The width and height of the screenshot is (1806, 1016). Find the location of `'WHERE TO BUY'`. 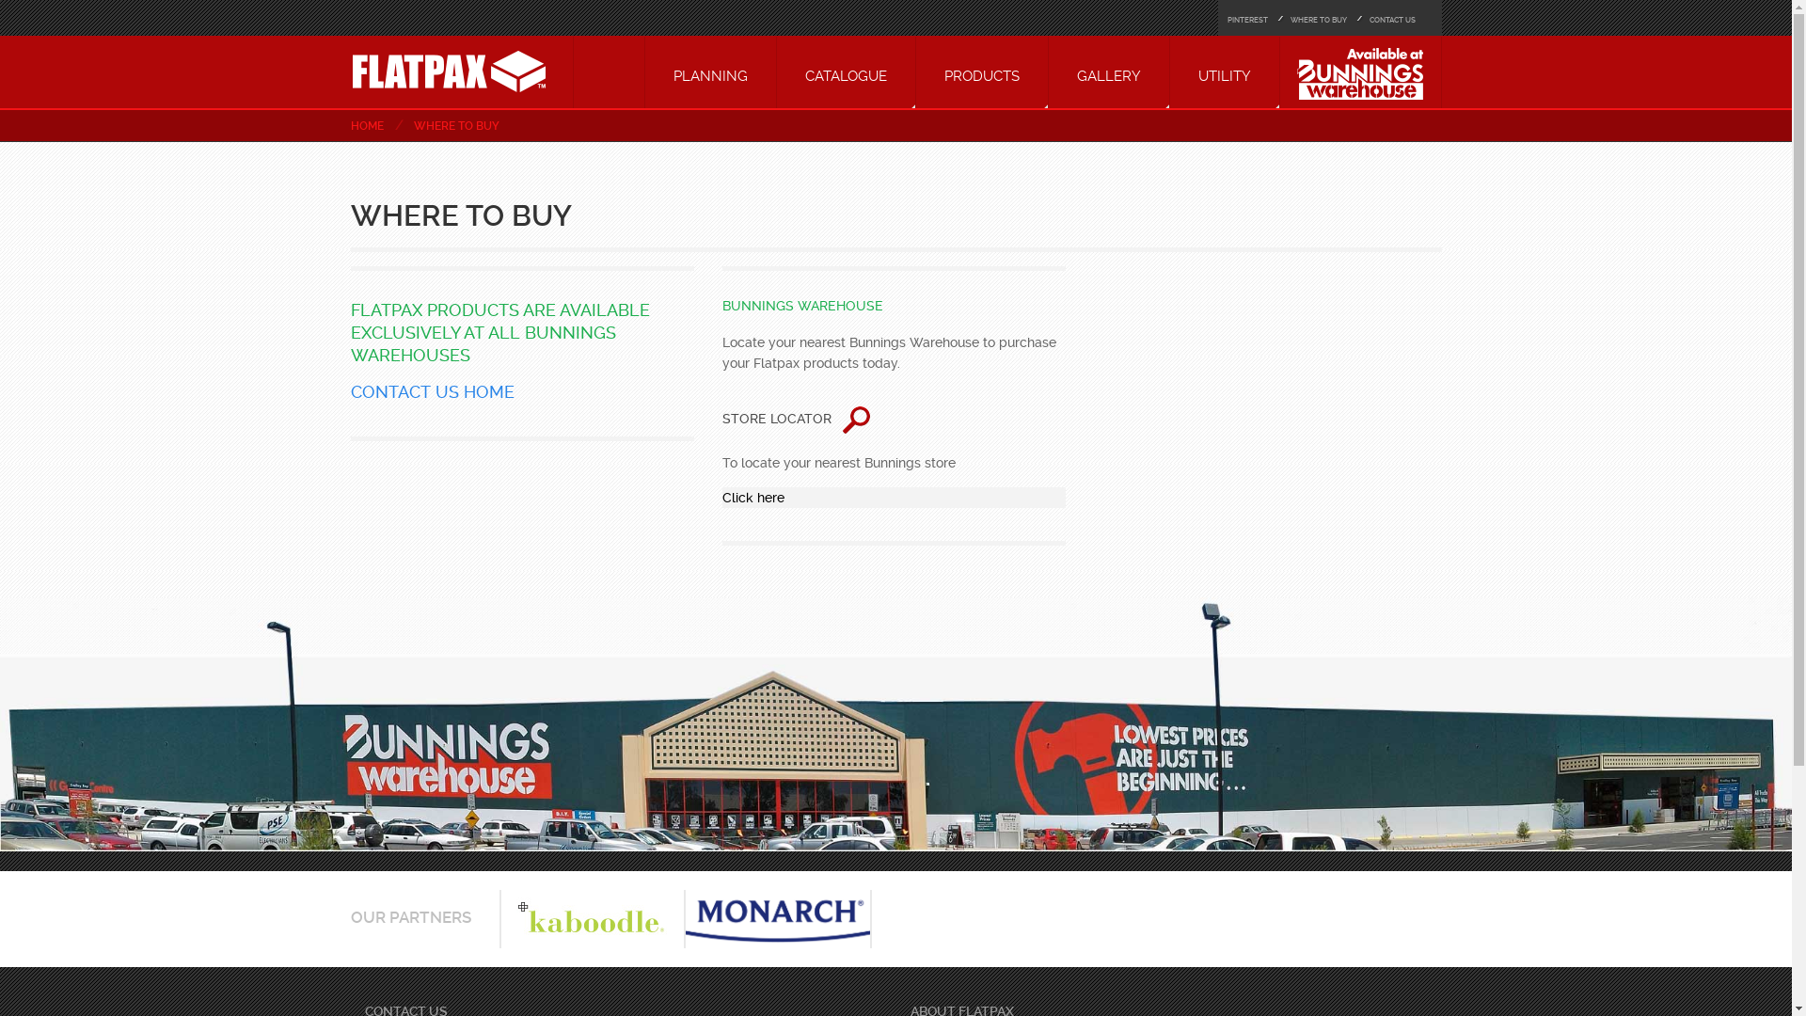

'WHERE TO BUY' is located at coordinates (1317, 20).